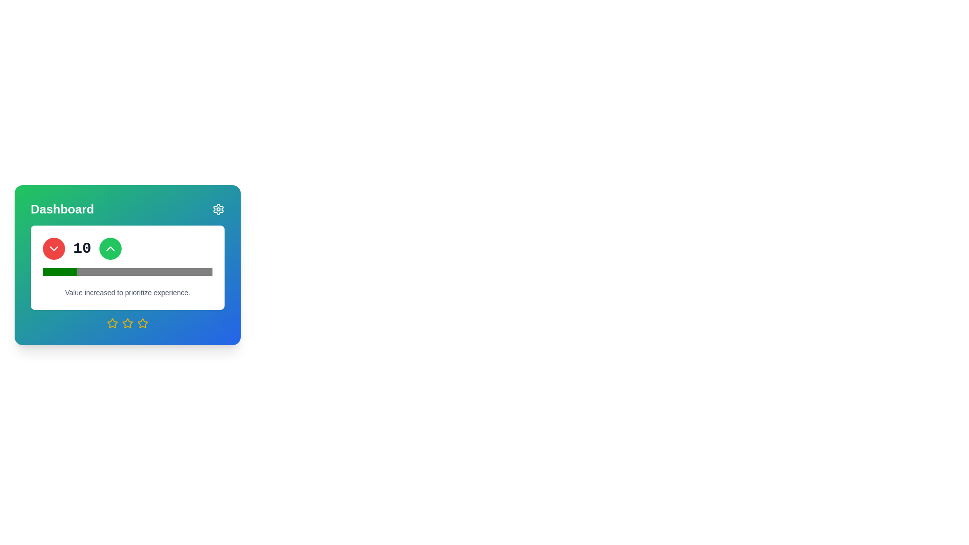  What do you see at coordinates (53, 249) in the screenshot?
I see `the circular red button with a white downward-pointing chevron icon to decrement the displayed value of '10'` at bounding box center [53, 249].